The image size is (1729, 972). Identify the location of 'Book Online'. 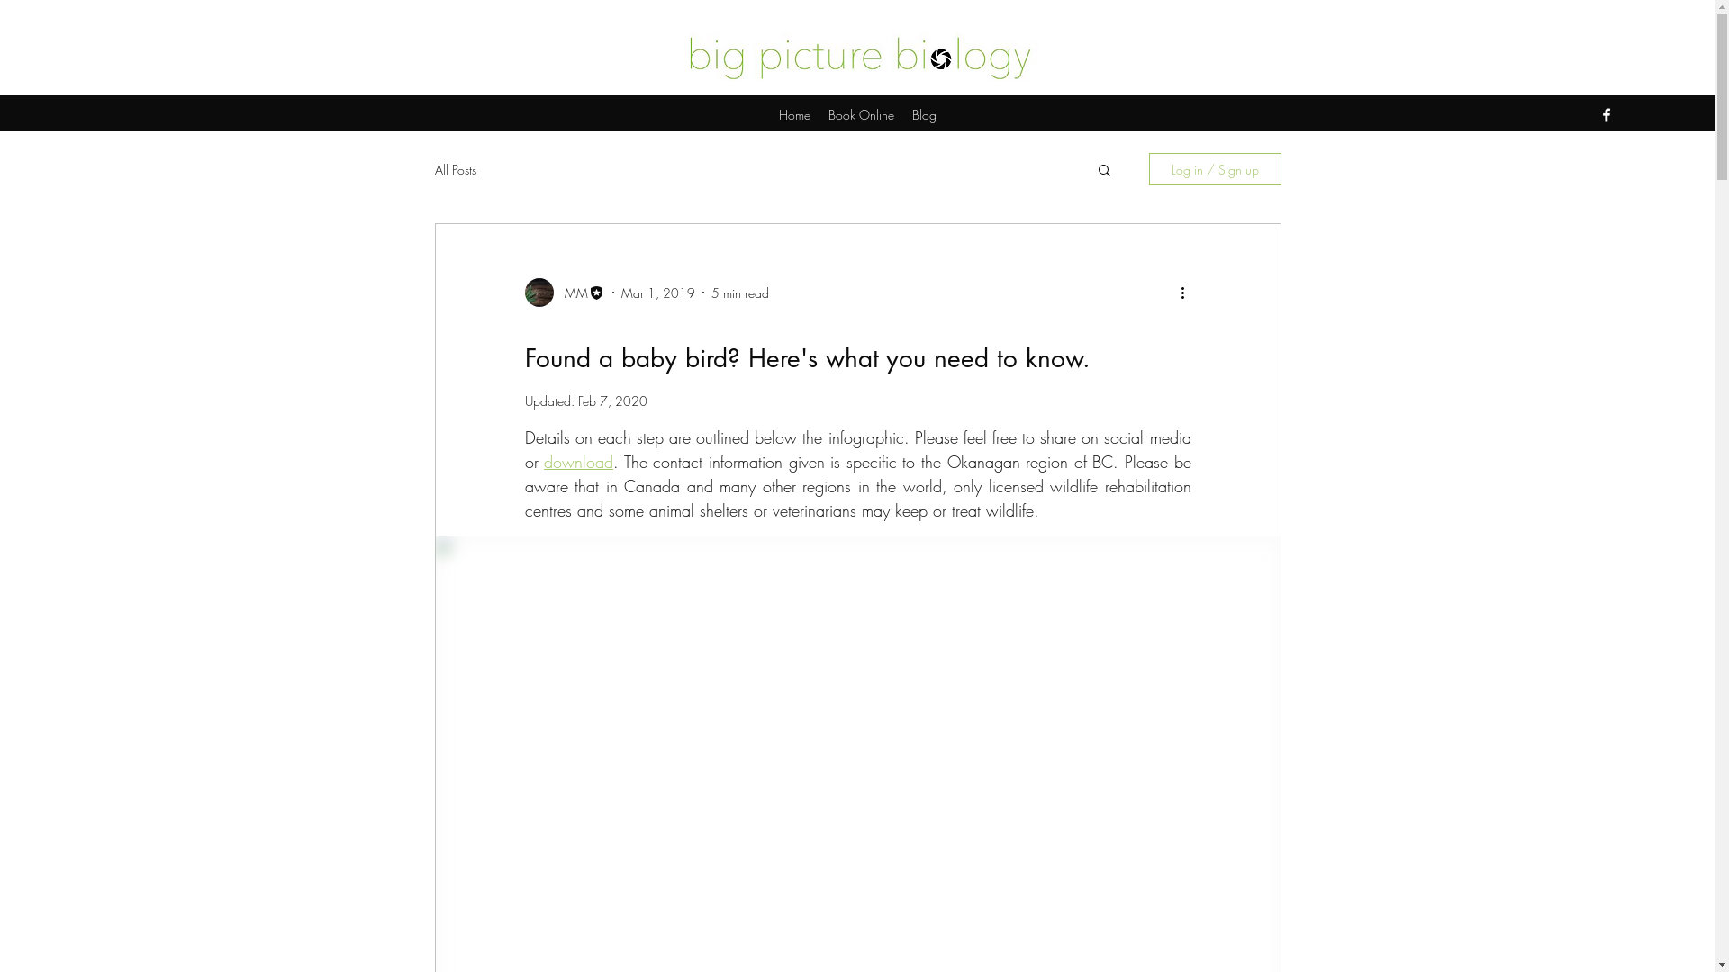
(860, 114).